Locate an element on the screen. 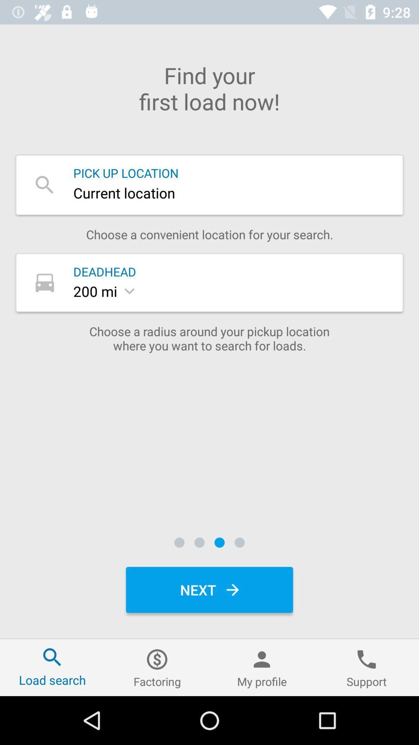  icon to the left of support is located at coordinates (262, 667).